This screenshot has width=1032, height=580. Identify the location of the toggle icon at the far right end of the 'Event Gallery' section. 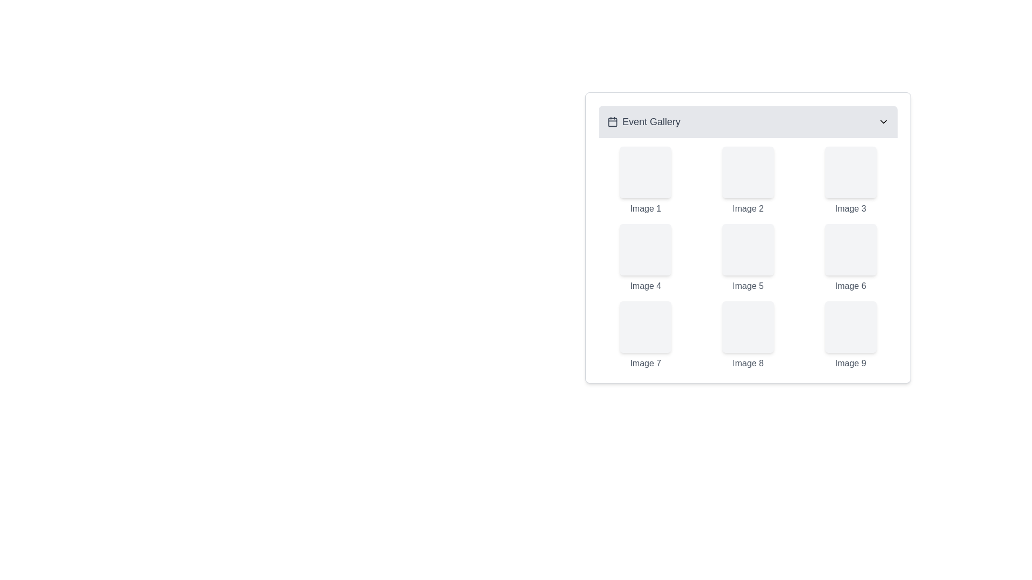
(883, 121).